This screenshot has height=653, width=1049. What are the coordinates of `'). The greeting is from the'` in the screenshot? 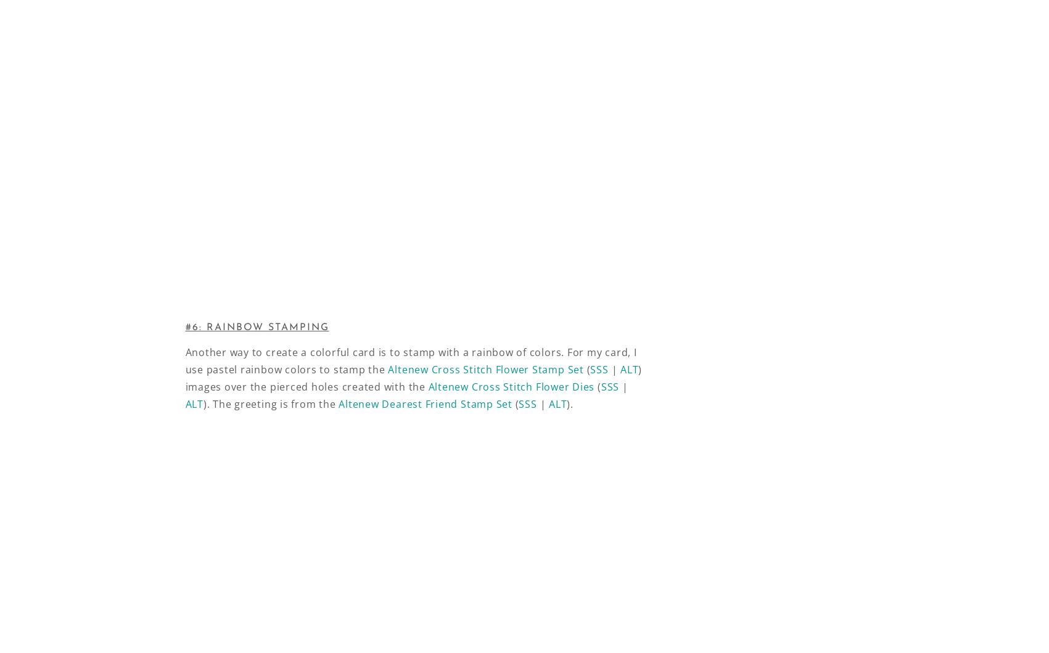 It's located at (202, 404).